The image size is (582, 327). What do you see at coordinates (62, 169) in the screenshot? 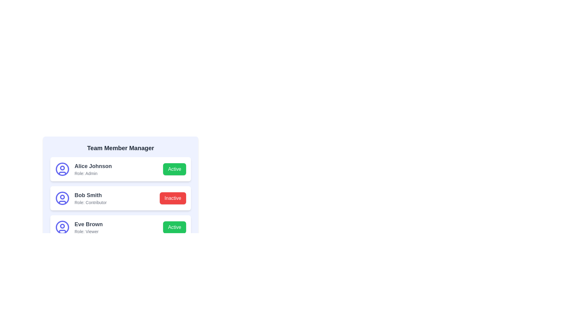
I see `the SVG Circle that represents the user profile icon for 'Alice Johnson' in the 'Team Member Manager' interface` at bounding box center [62, 169].